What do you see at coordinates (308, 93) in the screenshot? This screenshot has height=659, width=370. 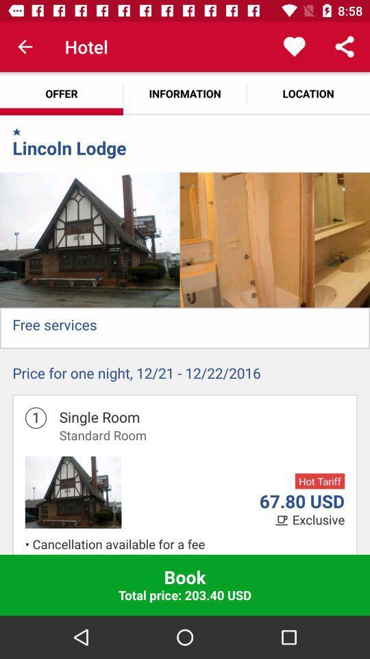 I see `the location` at bounding box center [308, 93].